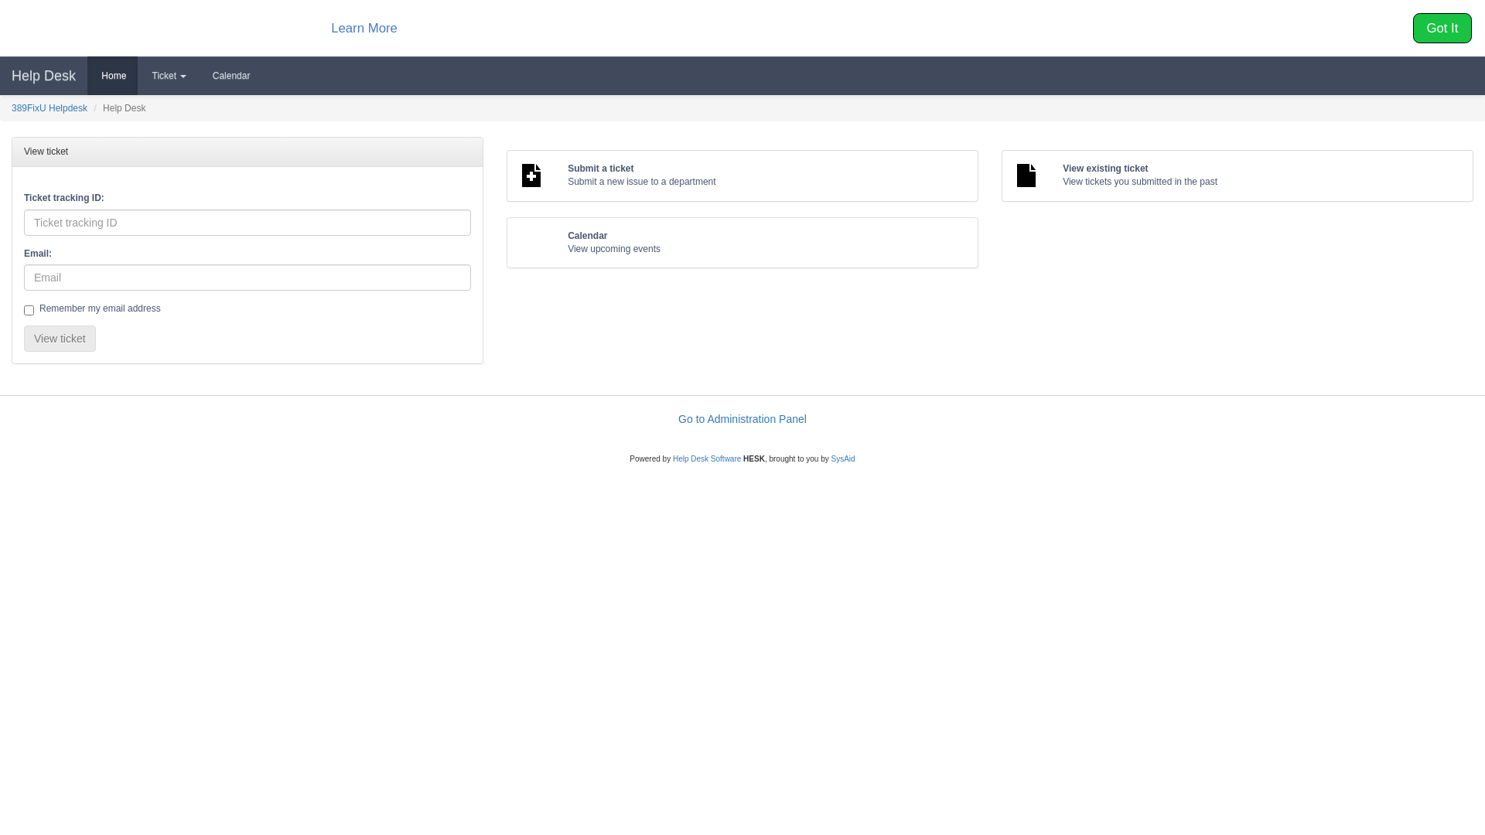 This screenshot has height=835, width=1485. What do you see at coordinates (705, 458) in the screenshot?
I see `'Help Desk Software'` at bounding box center [705, 458].